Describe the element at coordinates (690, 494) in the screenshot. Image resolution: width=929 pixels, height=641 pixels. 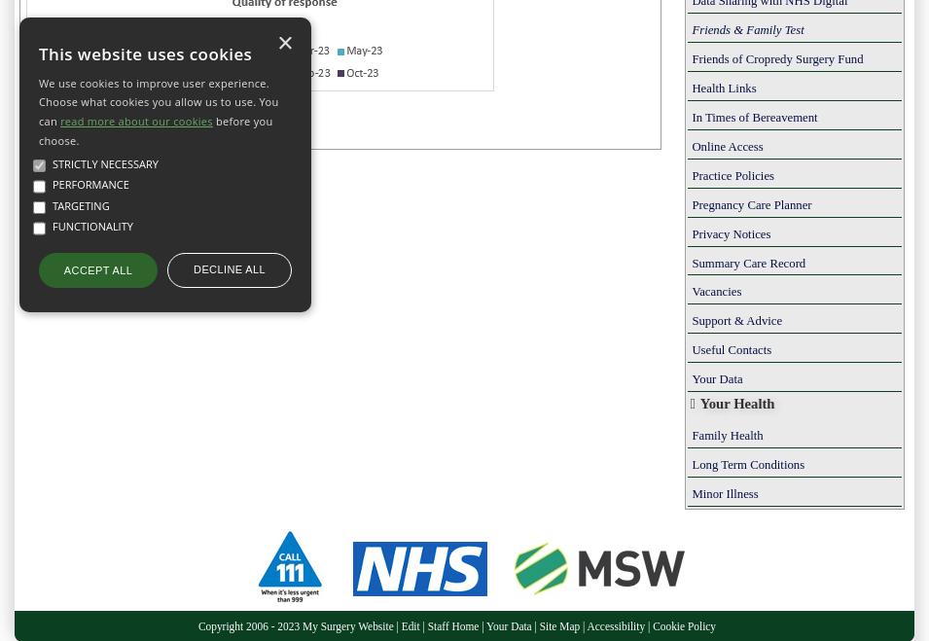
I see `'Minor Illness'` at that location.